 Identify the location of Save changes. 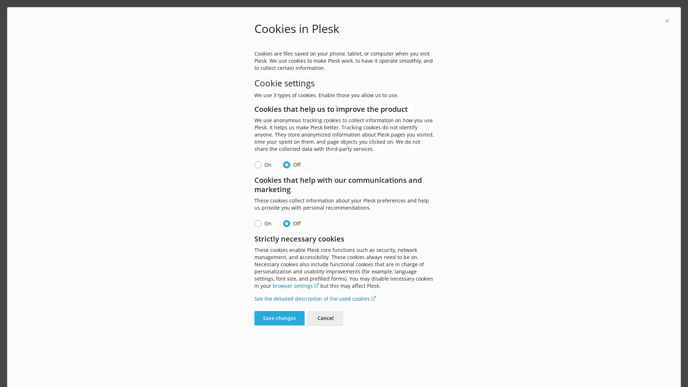
(279, 317).